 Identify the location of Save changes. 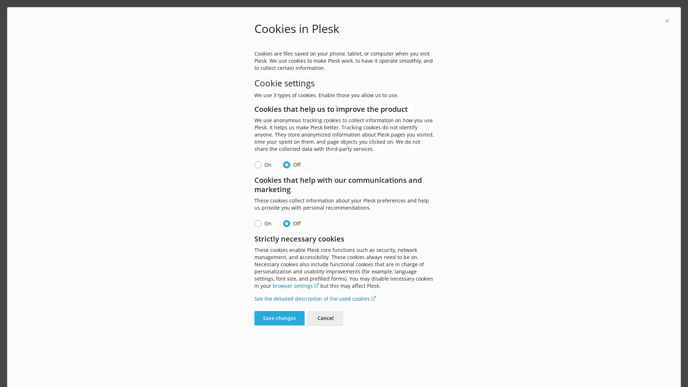
(279, 317).